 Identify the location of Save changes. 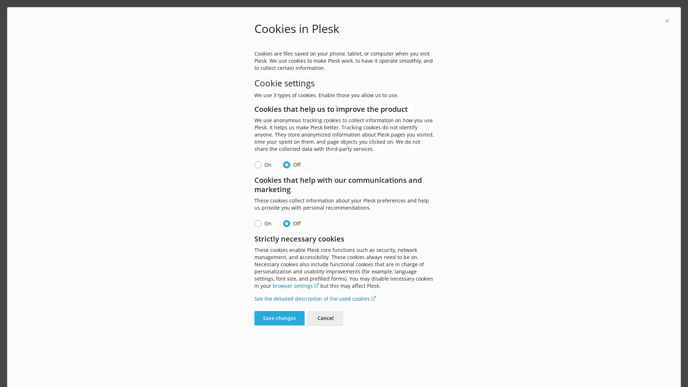
(279, 317).